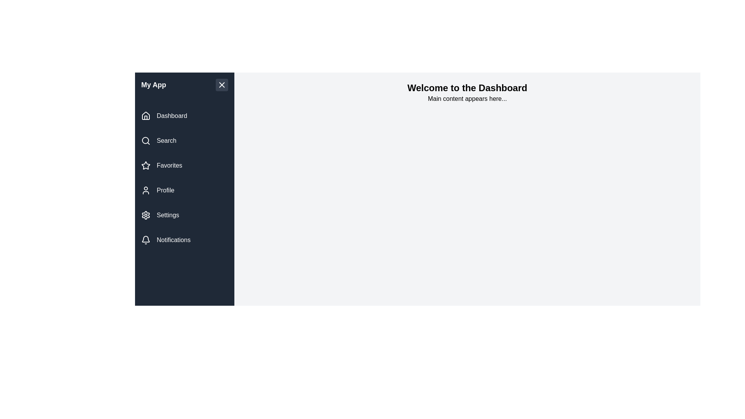 This screenshot has height=419, width=745. Describe the element at coordinates (184, 190) in the screenshot. I see `the navigation item Profile from the drawer` at that location.